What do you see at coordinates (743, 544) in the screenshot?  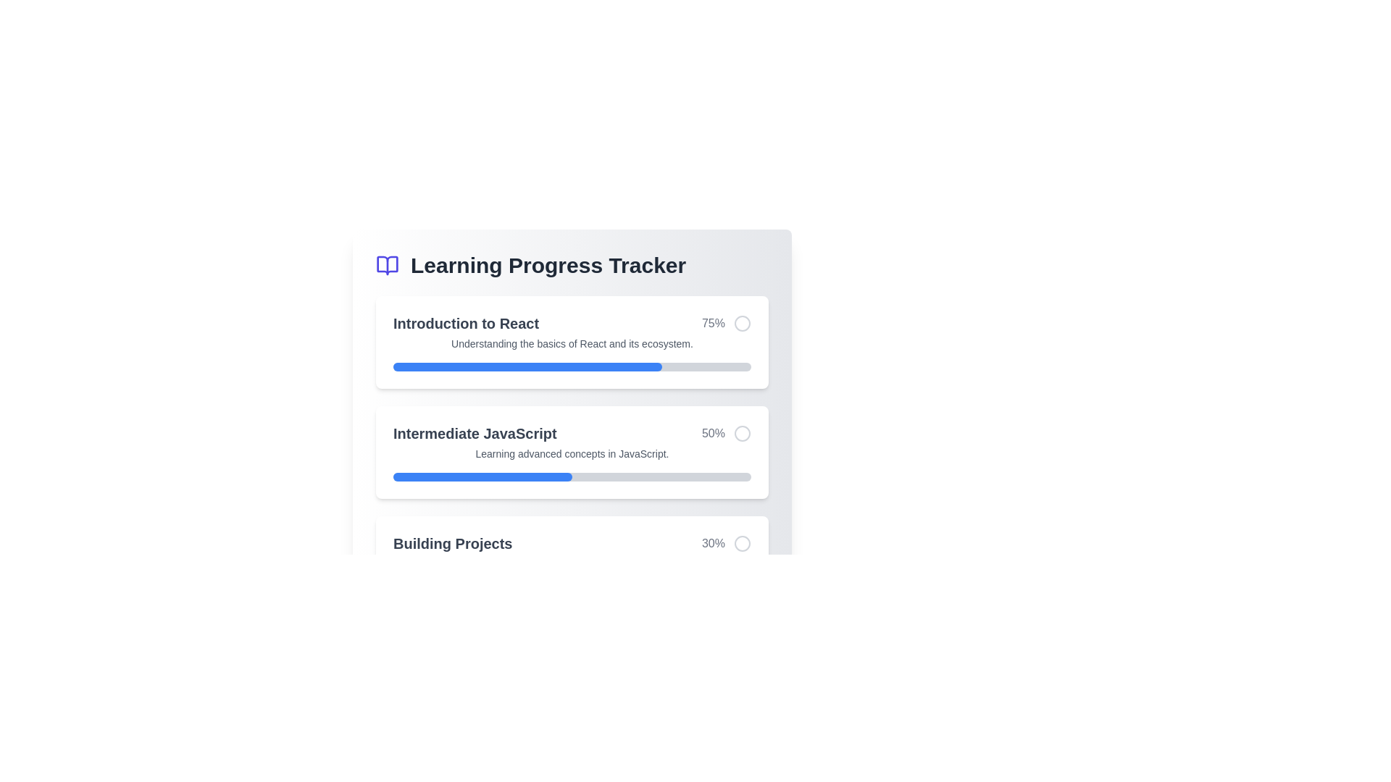 I see `the radio button located to the right of the 'Building Projects' progress tracker item` at bounding box center [743, 544].